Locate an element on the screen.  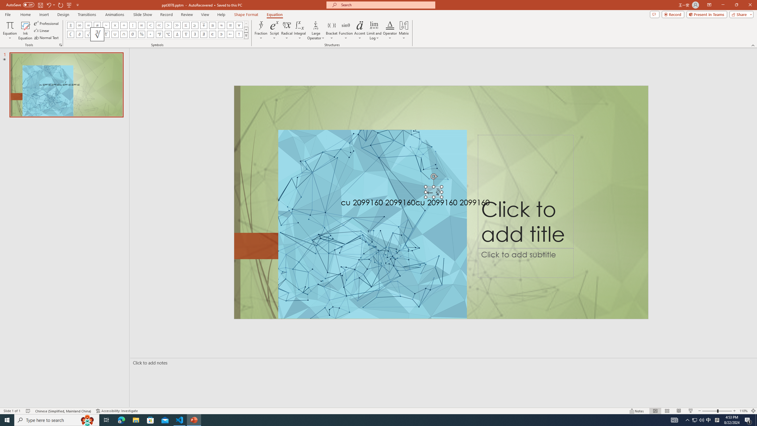
'Equation Options...' is located at coordinates (60, 44).